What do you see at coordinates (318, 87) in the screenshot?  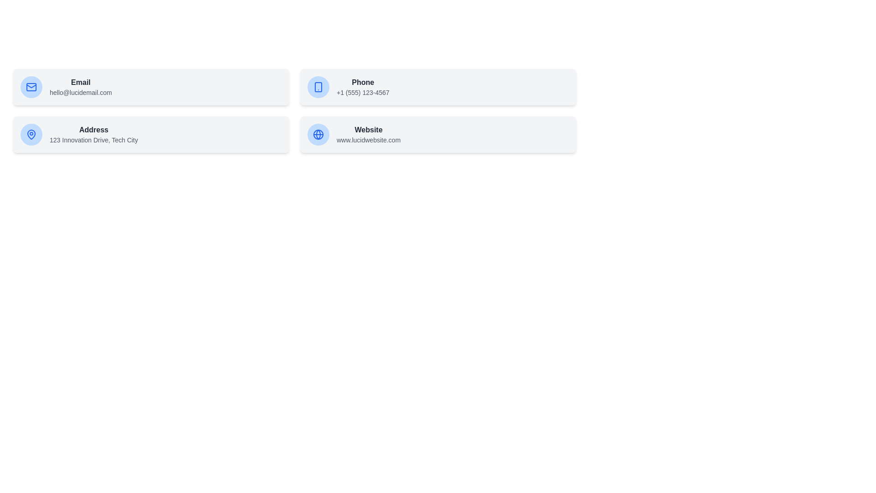 I see `the smartphone icon within the blue circular background, which is centrally aligned on the contact information card labeled 'Phone'` at bounding box center [318, 87].